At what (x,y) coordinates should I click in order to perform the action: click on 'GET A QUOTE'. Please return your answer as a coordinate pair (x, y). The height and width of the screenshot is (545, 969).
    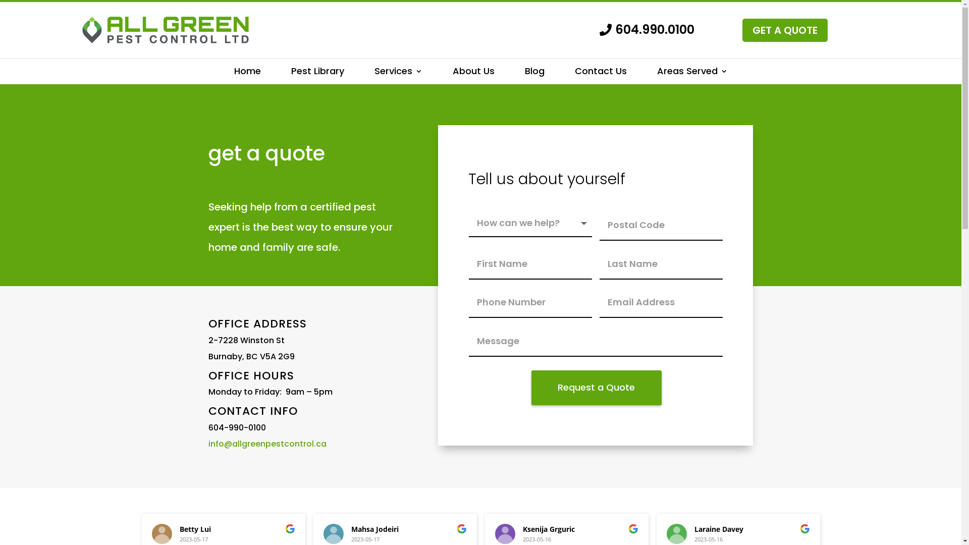
    Looking at the image, I should click on (784, 30).